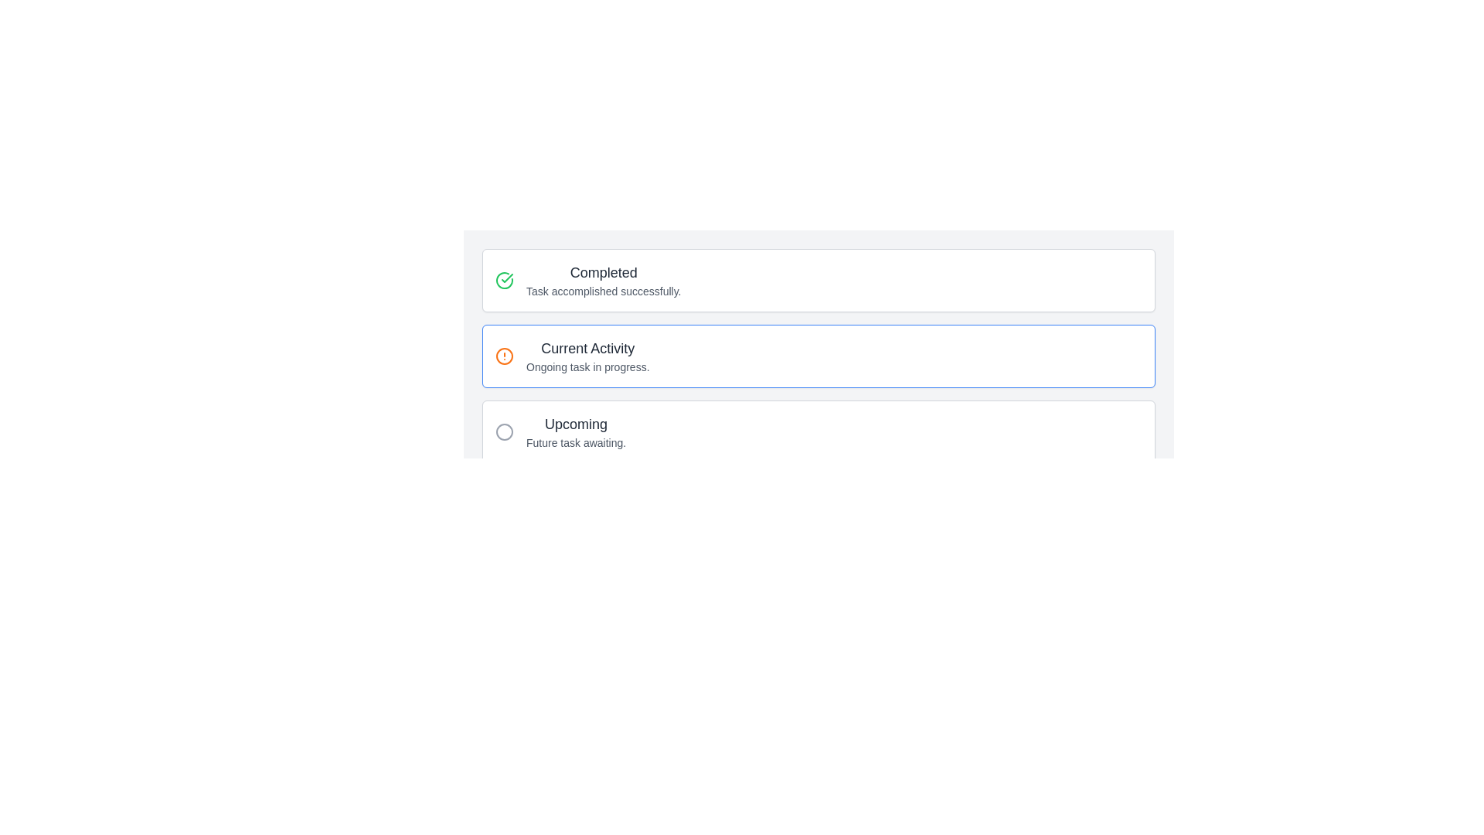  What do you see at coordinates (587, 366) in the screenshot?
I see `the text element that displays 'Ongoing task in progress.' located beneath the title 'Current Activity'` at bounding box center [587, 366].